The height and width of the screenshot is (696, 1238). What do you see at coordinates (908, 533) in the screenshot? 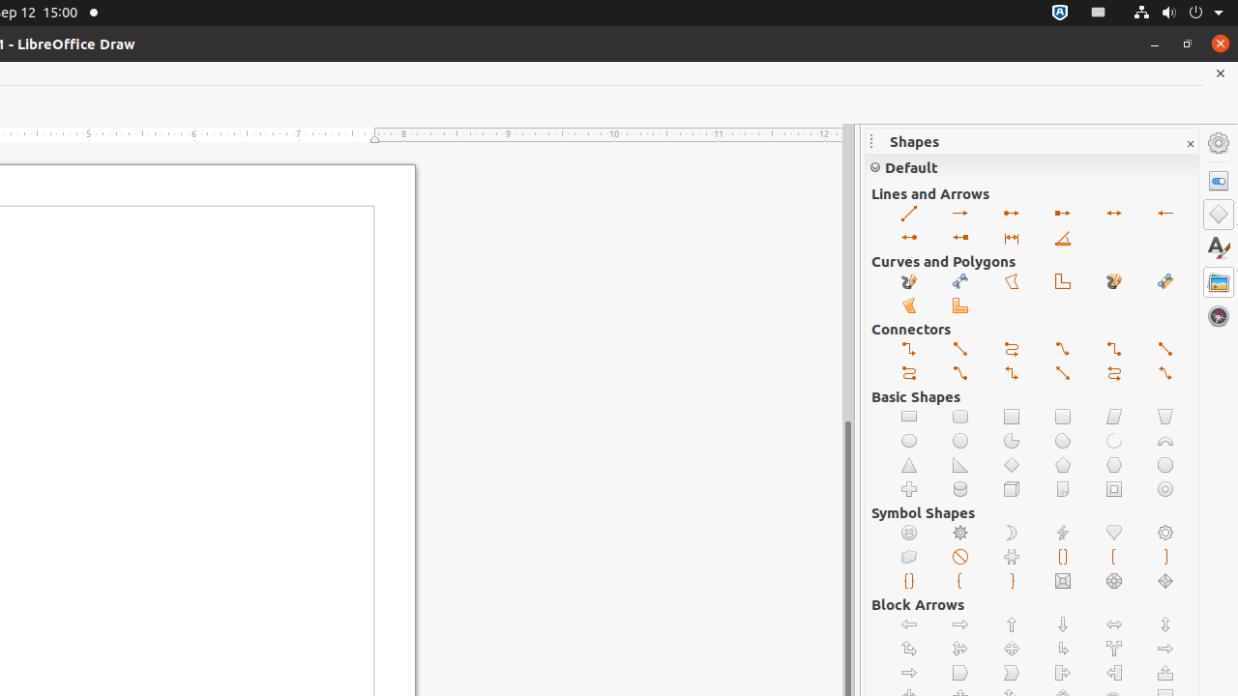
I see `'Smiley Face'` at bounding box center [908, 533].